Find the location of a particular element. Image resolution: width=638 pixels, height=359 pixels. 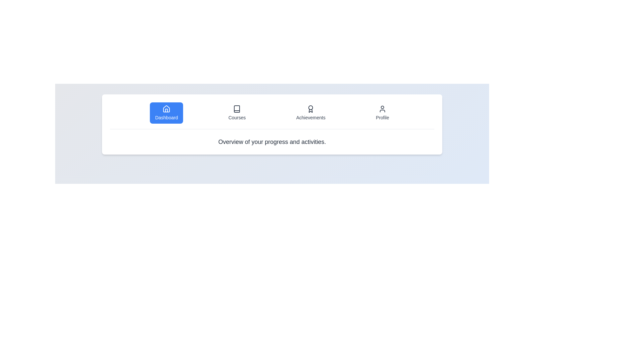

the 'Dashboard' button which contains the house icon, positioned centrally within the navigation menu at the top of the card is located at coordinates (166, 110).